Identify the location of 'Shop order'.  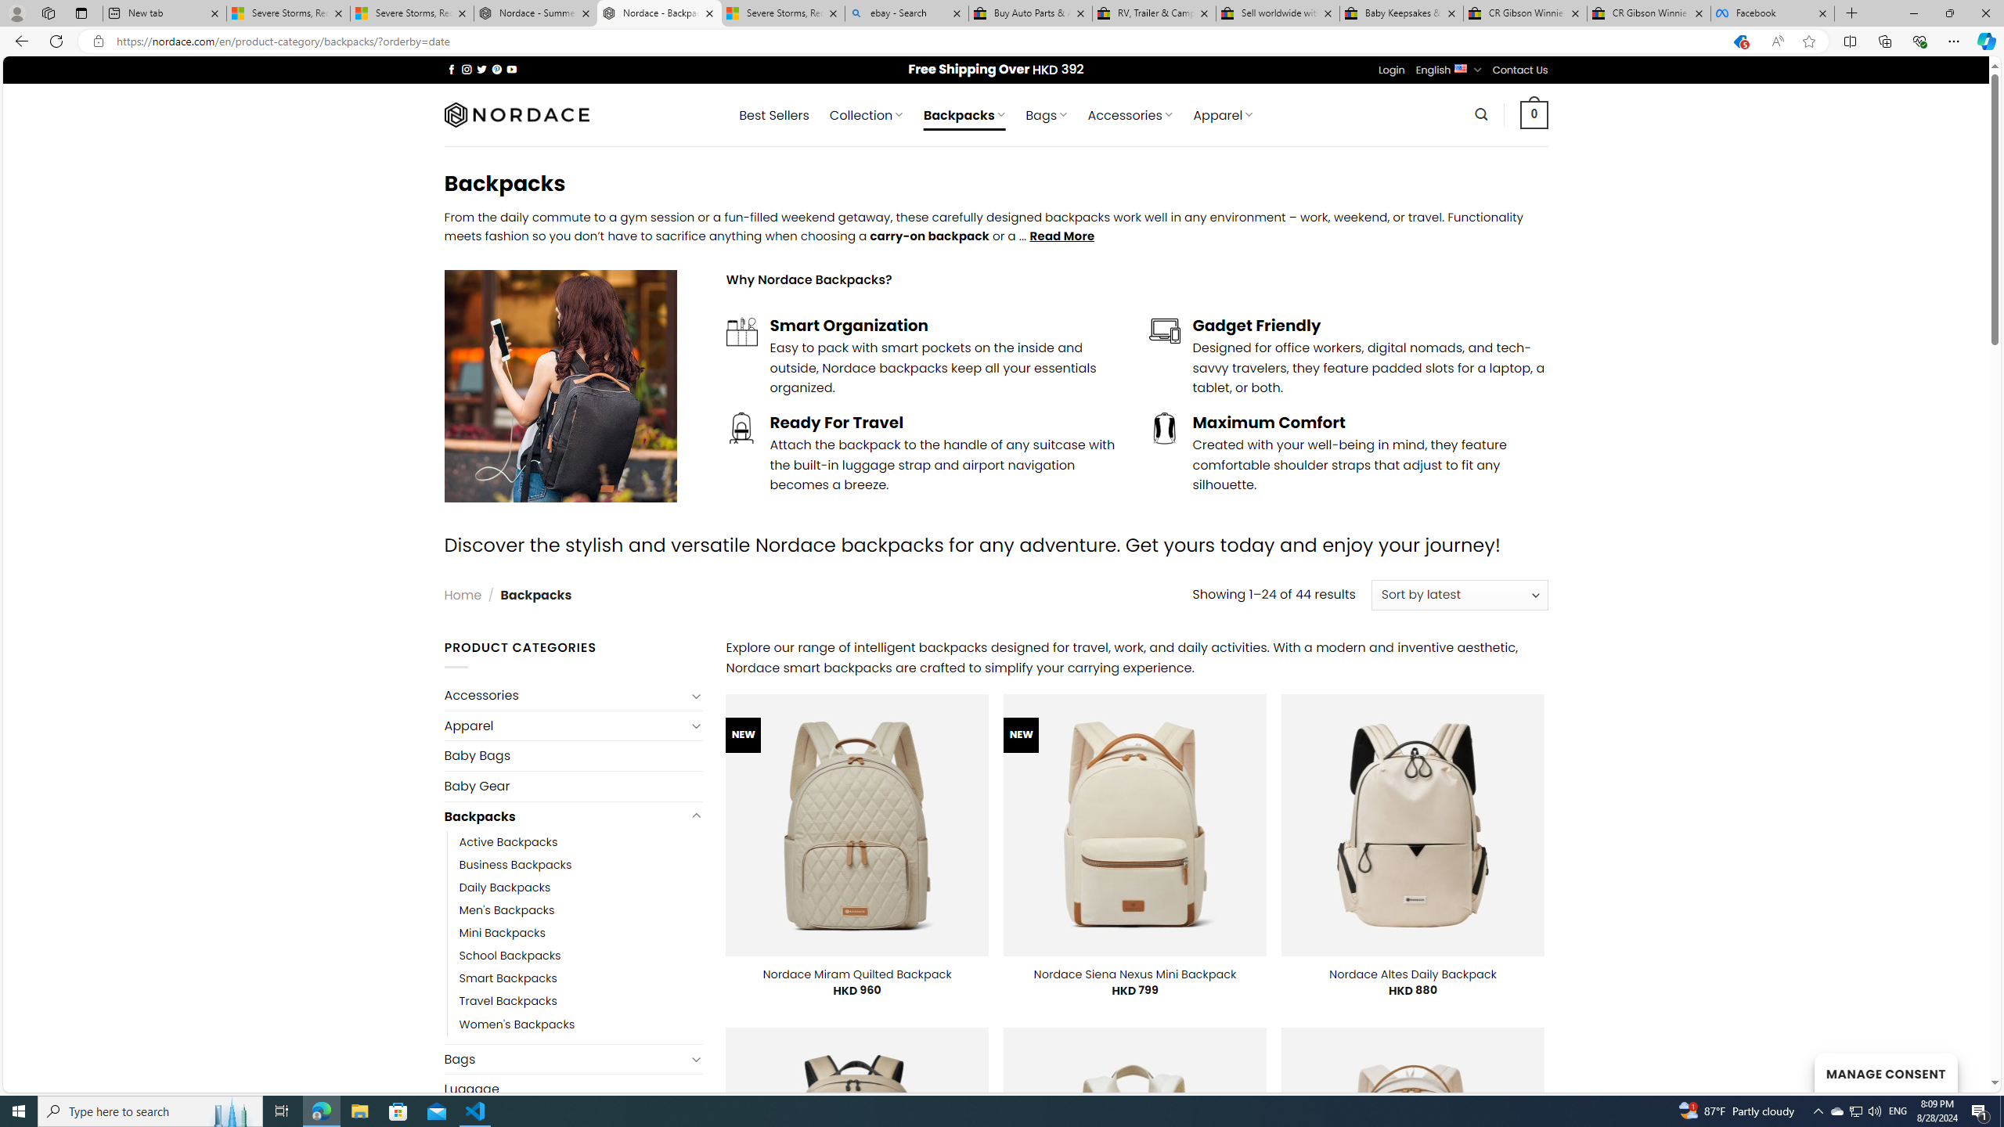
(1458, 596).